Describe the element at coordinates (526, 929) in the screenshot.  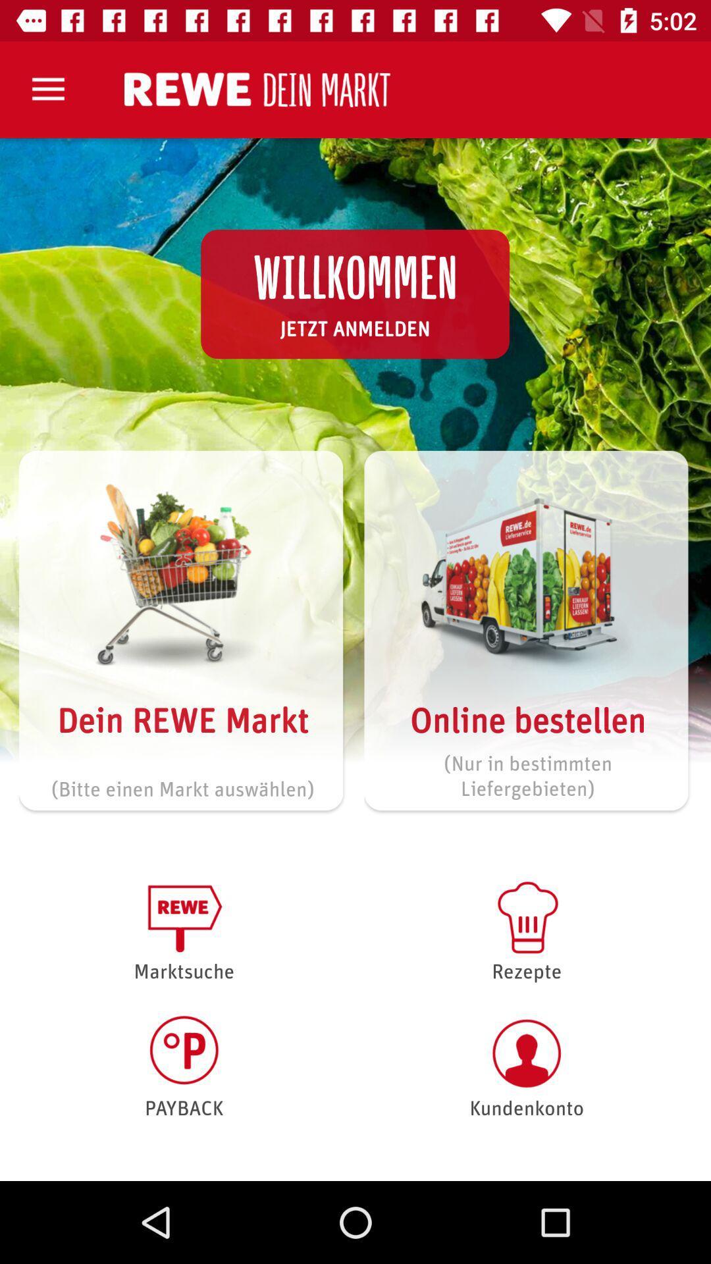
I see `the item to the right of the marktsuche icon` at that location.